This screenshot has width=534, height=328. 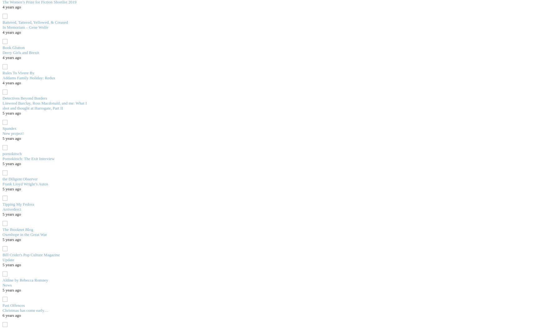 What do you see at coordinates (28, 158) in the screenshot?
I see `'Pornokitsch: The Exit Interview'` at bounding box center [28, 158].